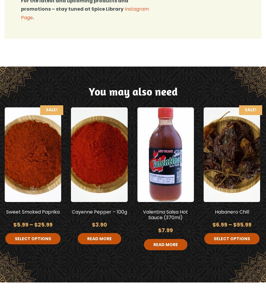  I want to click on 'Sweet Smoked Paprika', so click(6, 211).